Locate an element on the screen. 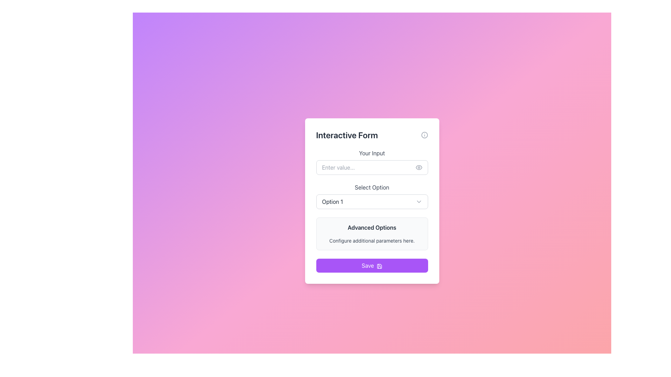 Image resolution: width=671 pixels, height=377 pixels. the 'Interactive Form' text element, which is displayed in a large, bold sans-serif font in dark gray near the top center of a modal interface is located at coordinates (347, 135).